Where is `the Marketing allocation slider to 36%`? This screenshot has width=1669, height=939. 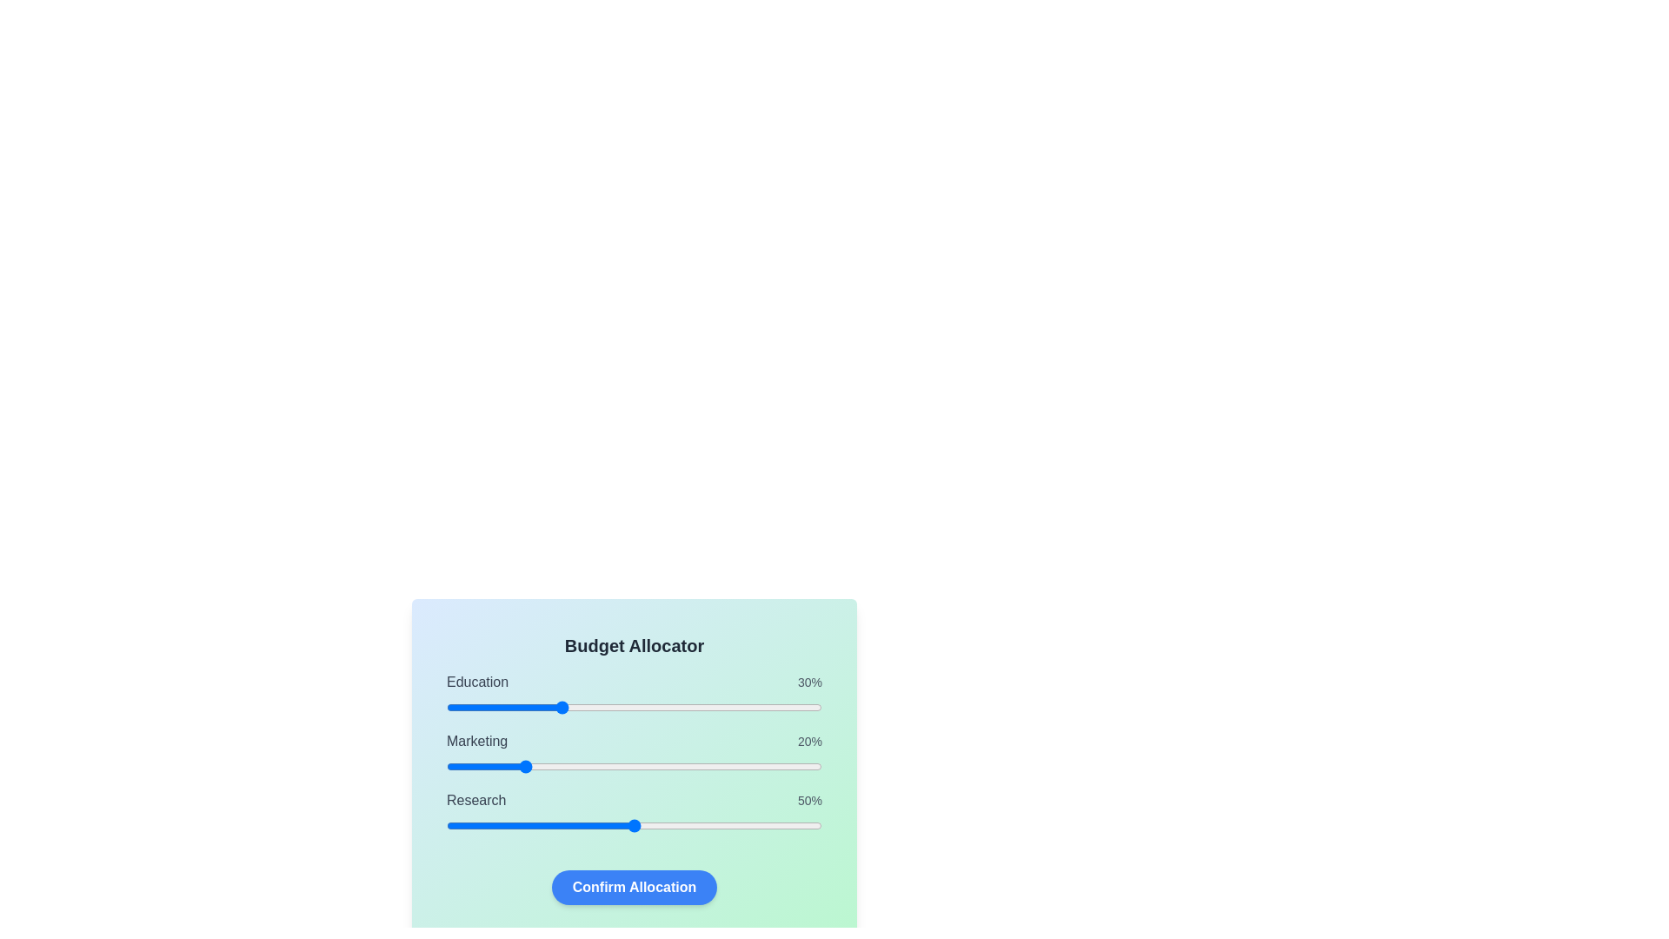
the Marketing allocation slider to 36% is located at coordinates (582, 766).